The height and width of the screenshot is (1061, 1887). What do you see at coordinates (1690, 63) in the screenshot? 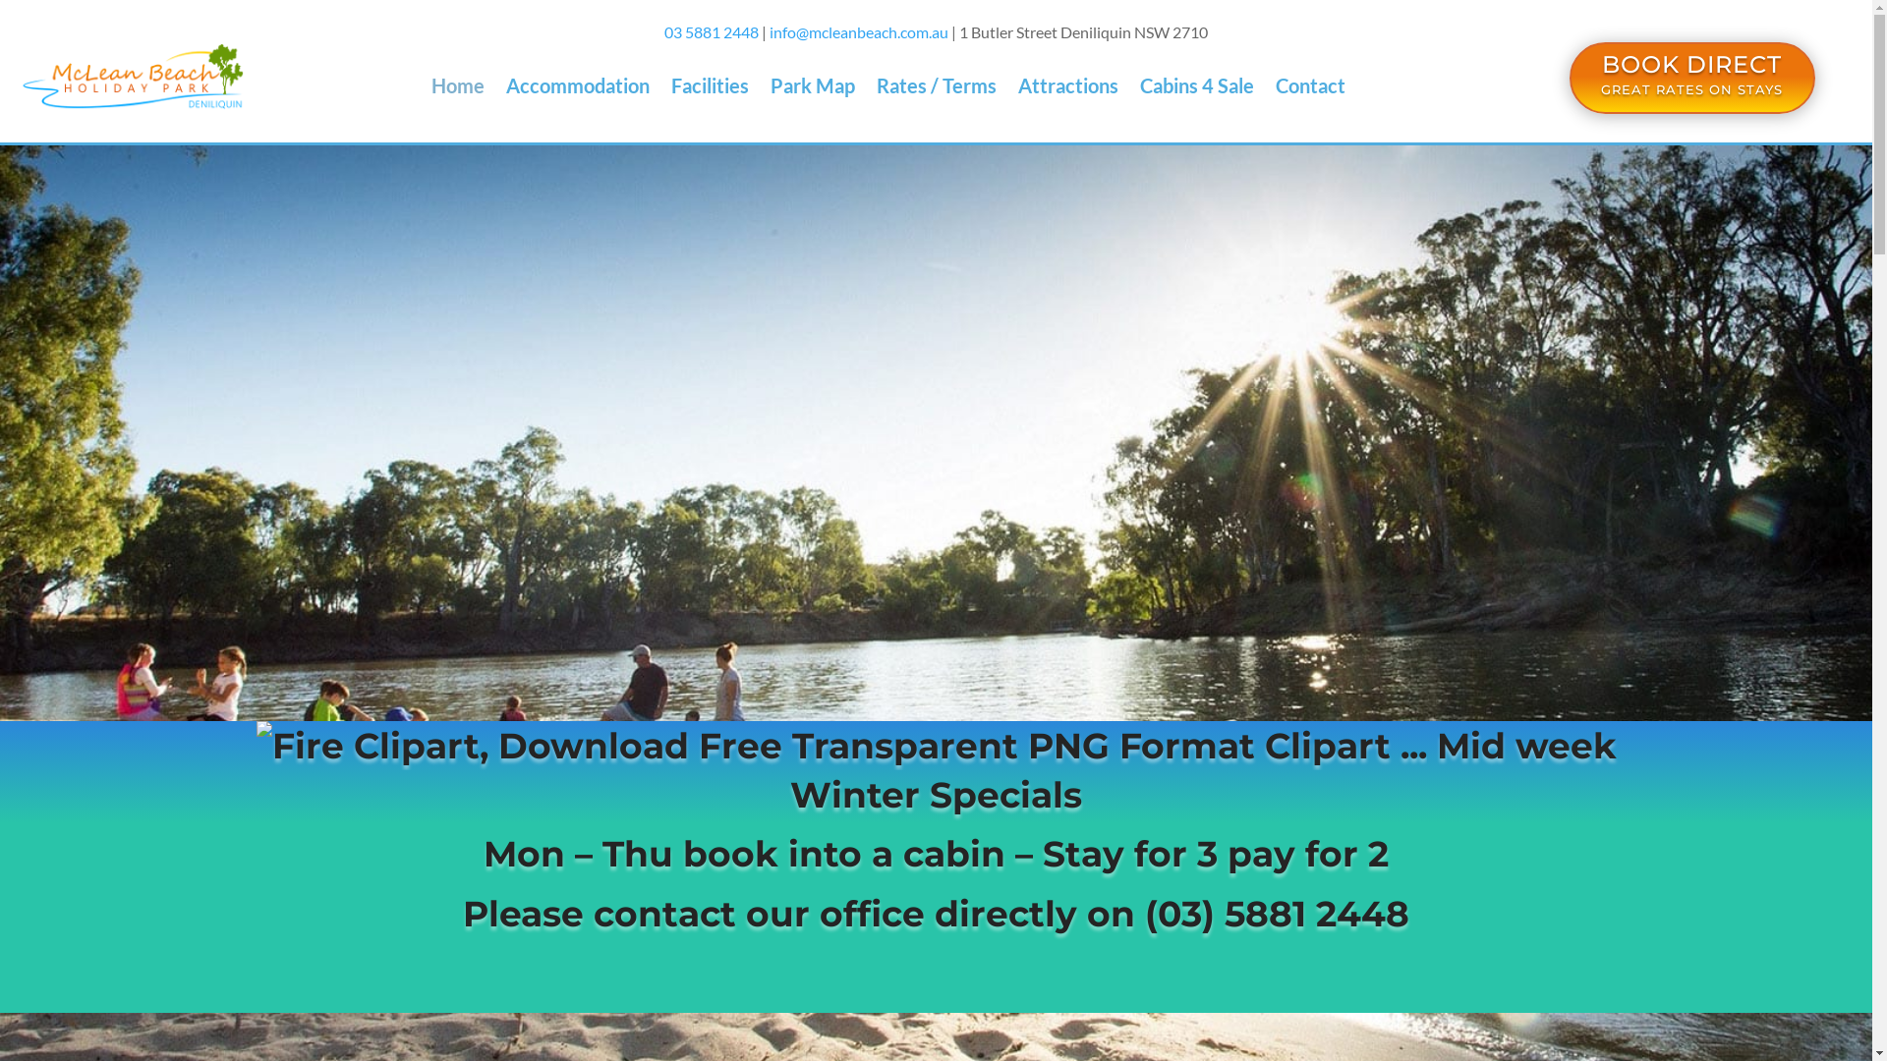
I see `'BOOK DIRECT'` at bounding box center [1690, 63].